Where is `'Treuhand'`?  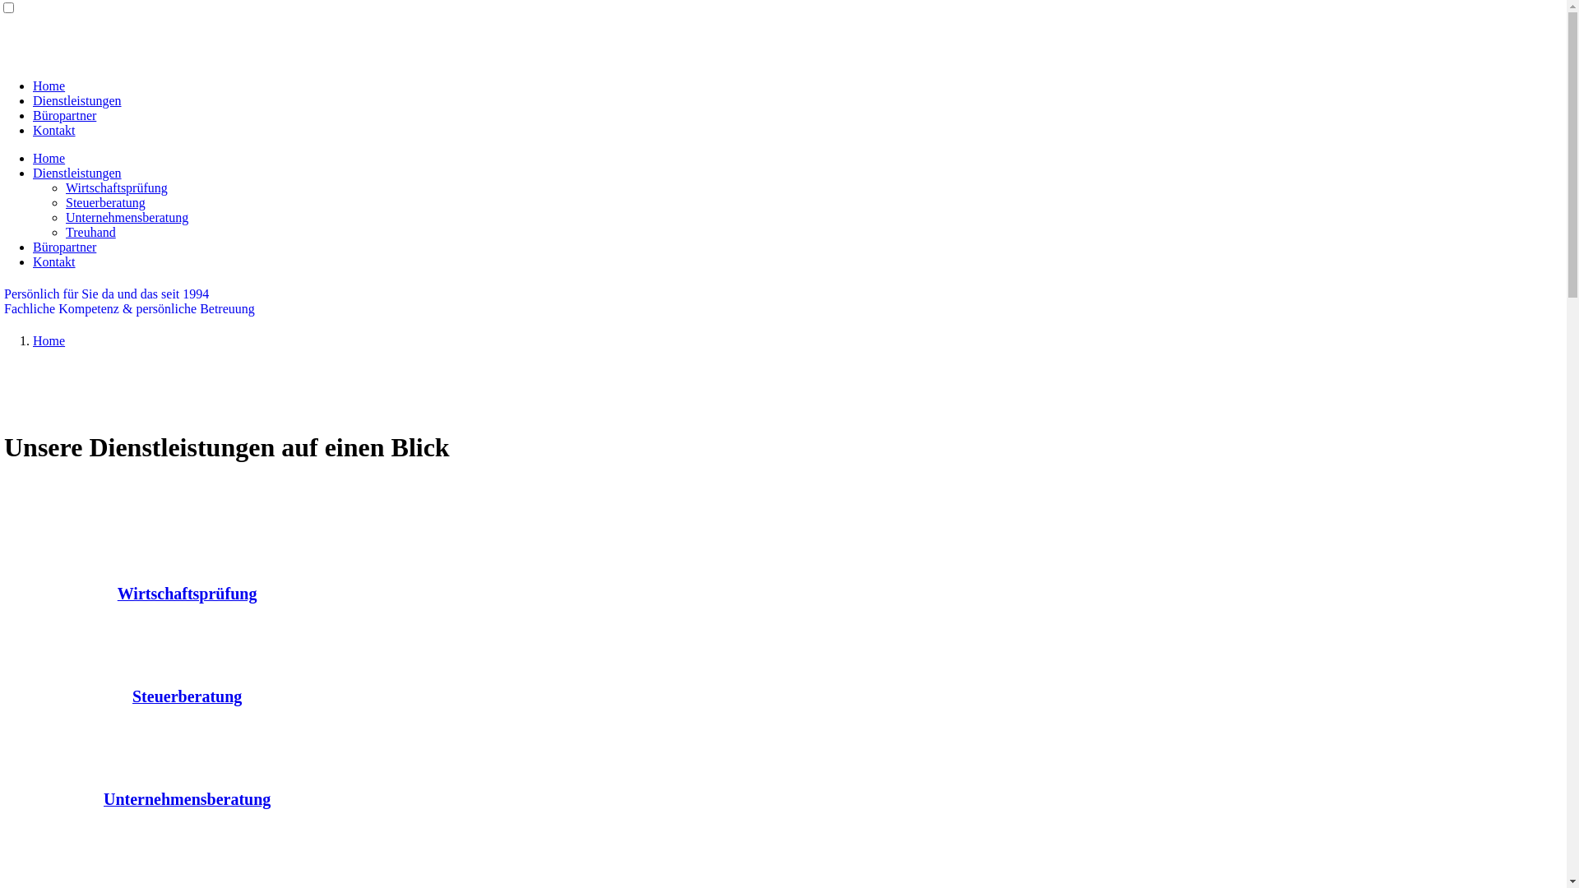
'Treuhand' is located at coordinates (90, 232).